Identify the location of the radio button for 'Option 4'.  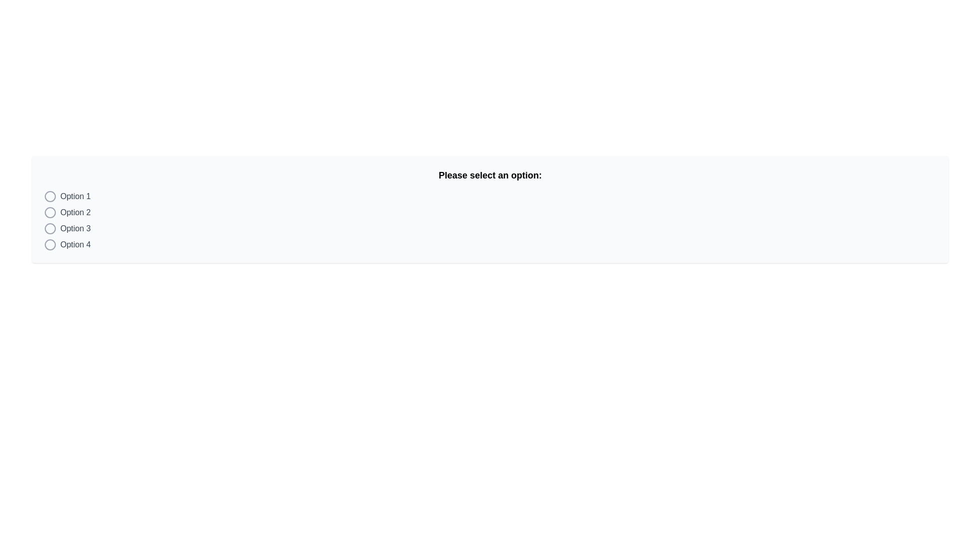
(50, 244).